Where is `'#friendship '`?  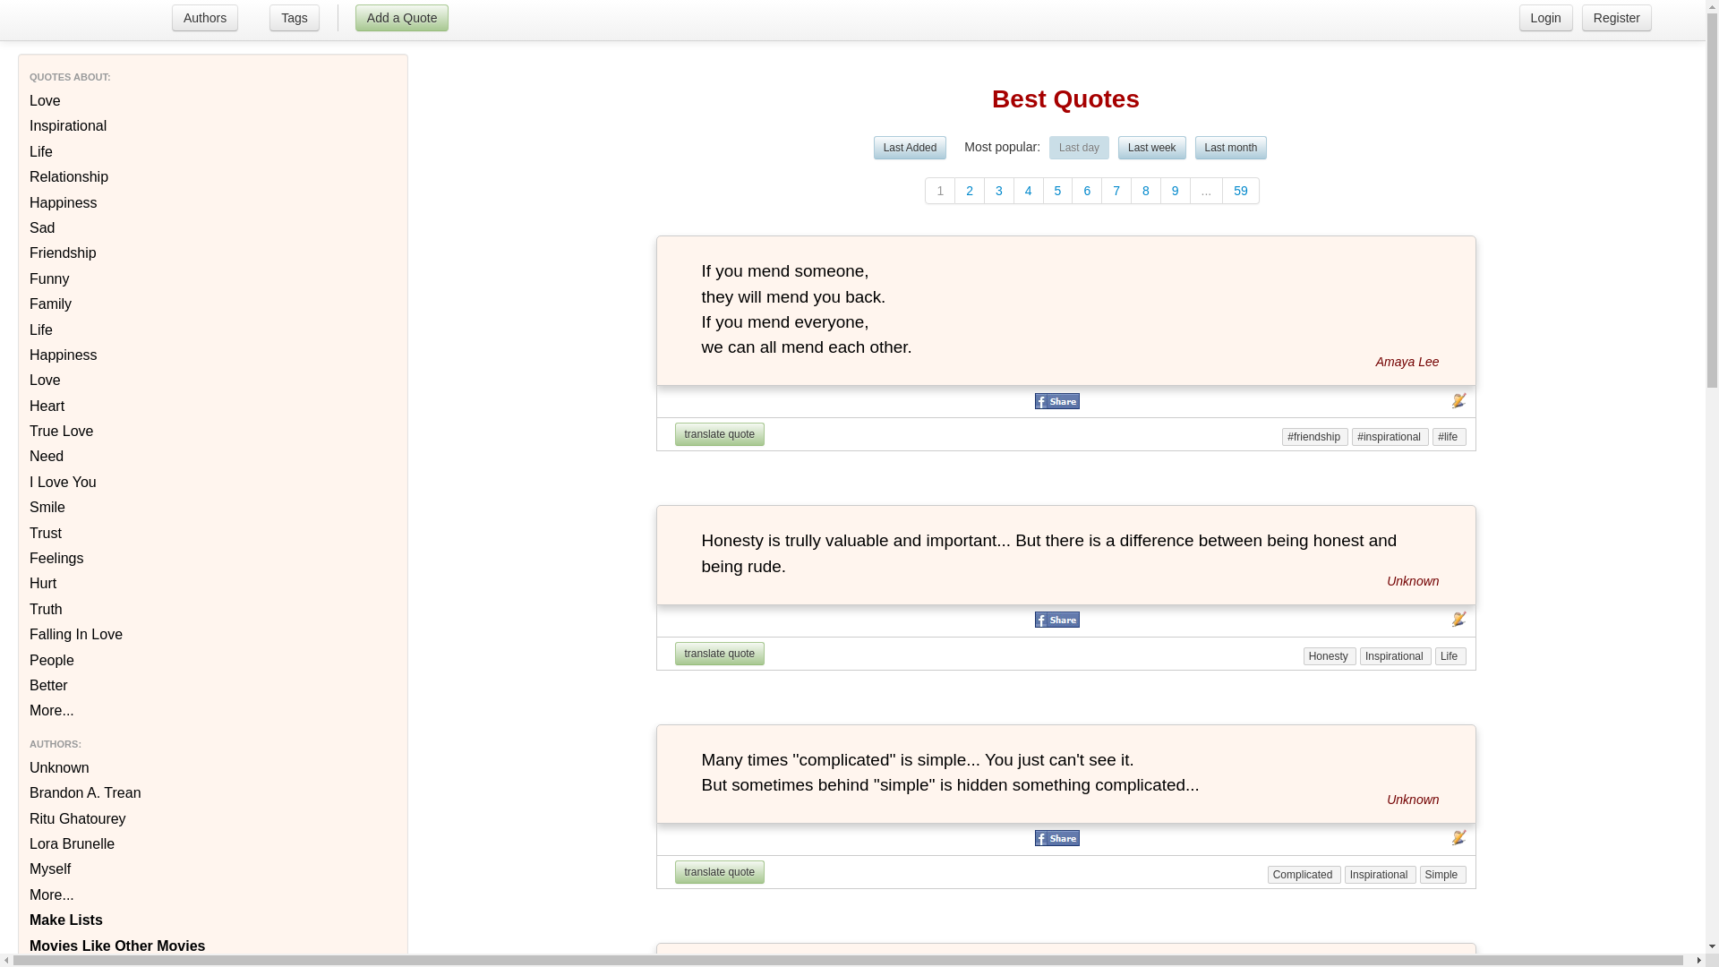
'#friendship ' is located at coordinates (1314, 437).